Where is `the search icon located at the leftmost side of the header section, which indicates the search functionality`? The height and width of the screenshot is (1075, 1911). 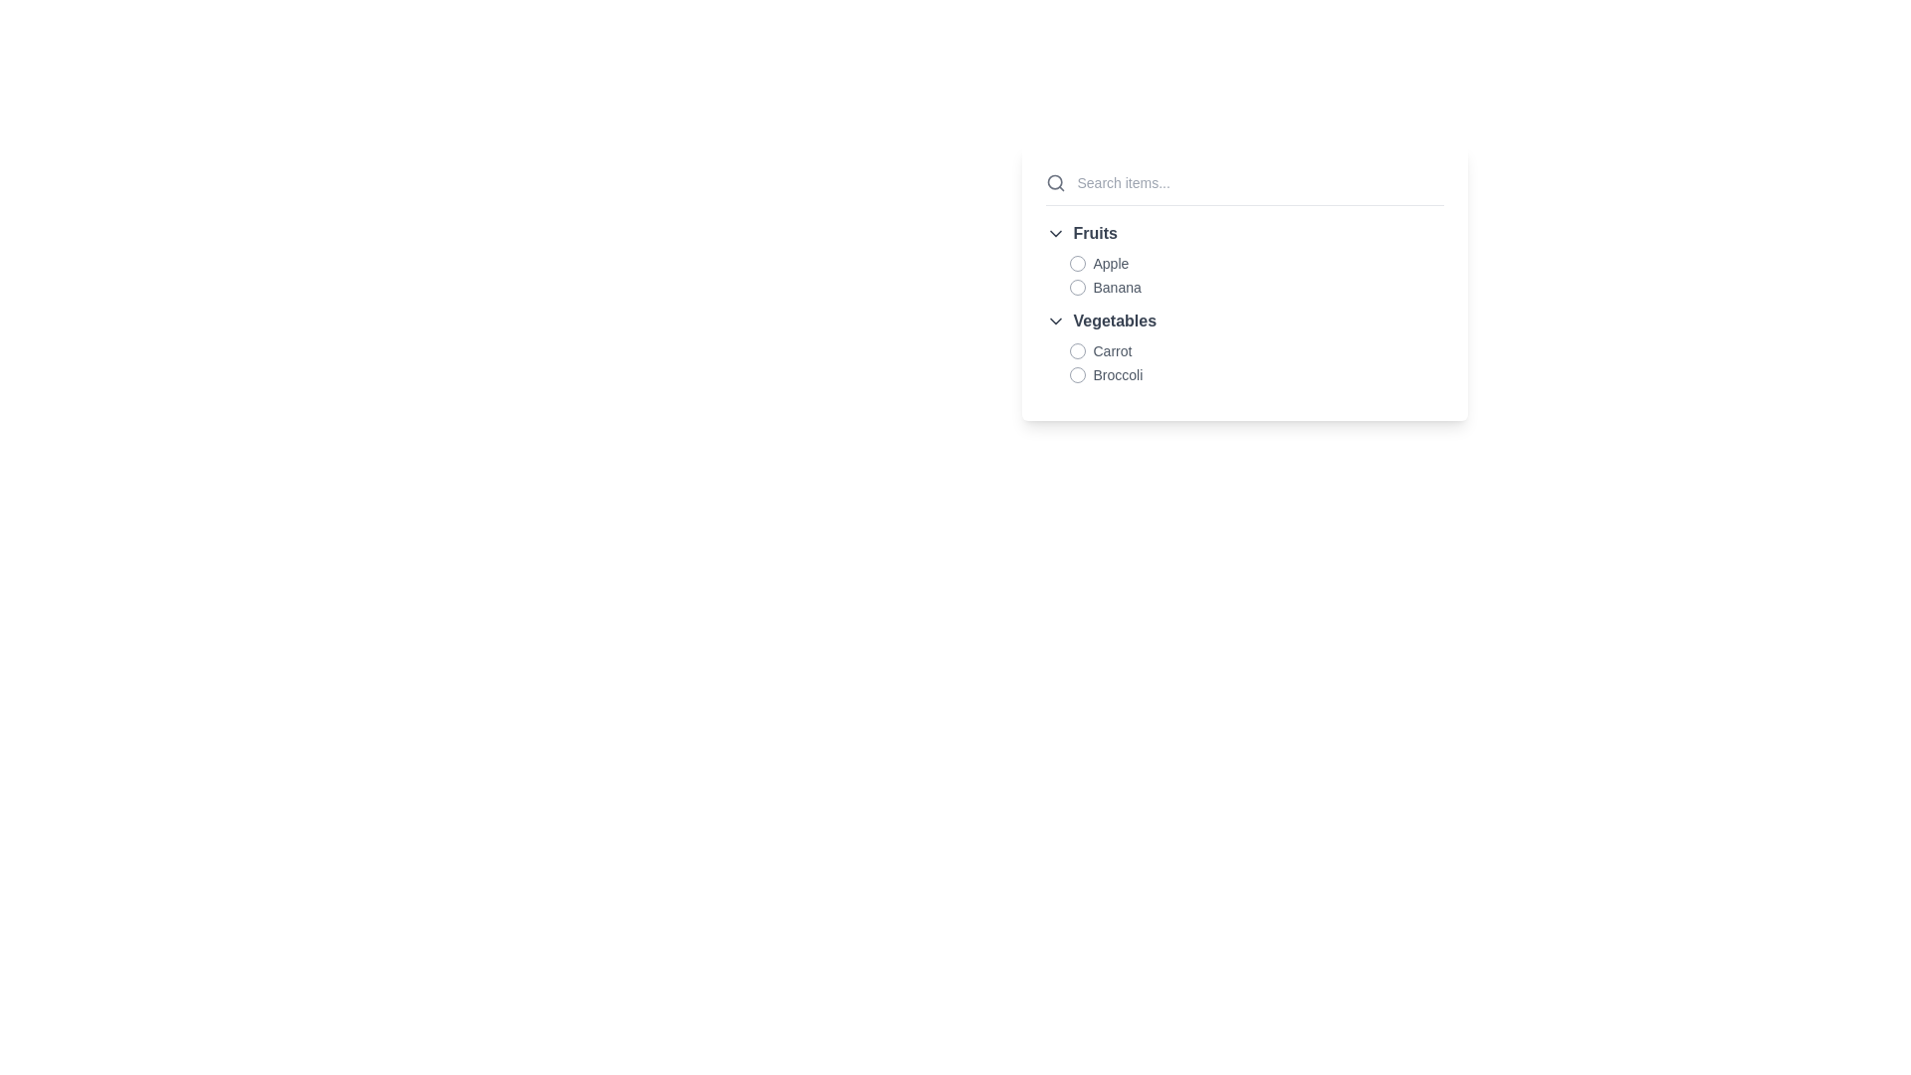 the search icon located at the leftmost side of the header section, which indicates the search functionality is located at coordinates (1054, 183).